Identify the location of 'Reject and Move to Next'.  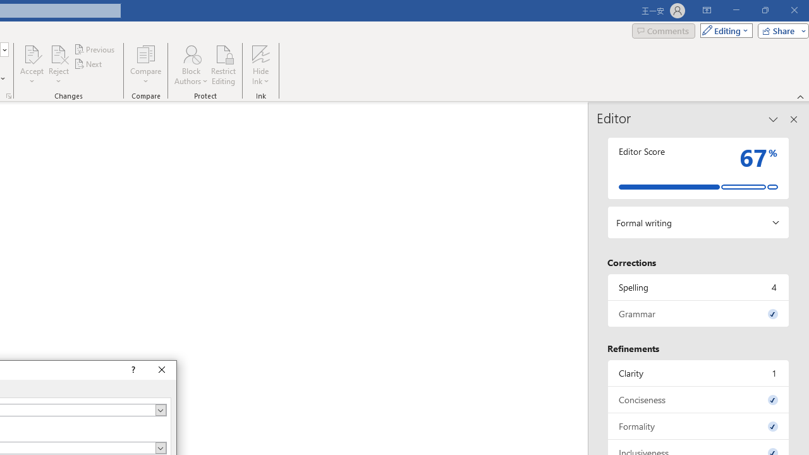
(58, 53).